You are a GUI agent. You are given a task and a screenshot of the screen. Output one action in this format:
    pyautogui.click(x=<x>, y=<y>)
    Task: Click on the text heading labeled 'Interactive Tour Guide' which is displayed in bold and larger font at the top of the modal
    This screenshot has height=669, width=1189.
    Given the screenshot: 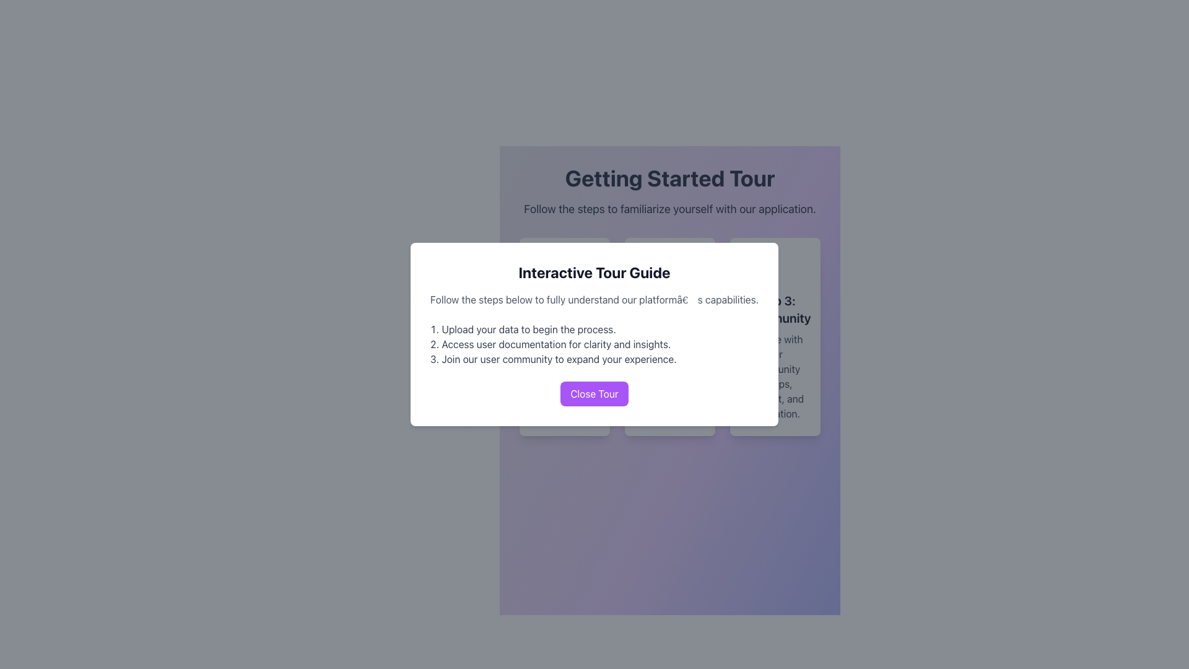 What is the action you would take?
    pyautogui.click(x=594, y=271)
    